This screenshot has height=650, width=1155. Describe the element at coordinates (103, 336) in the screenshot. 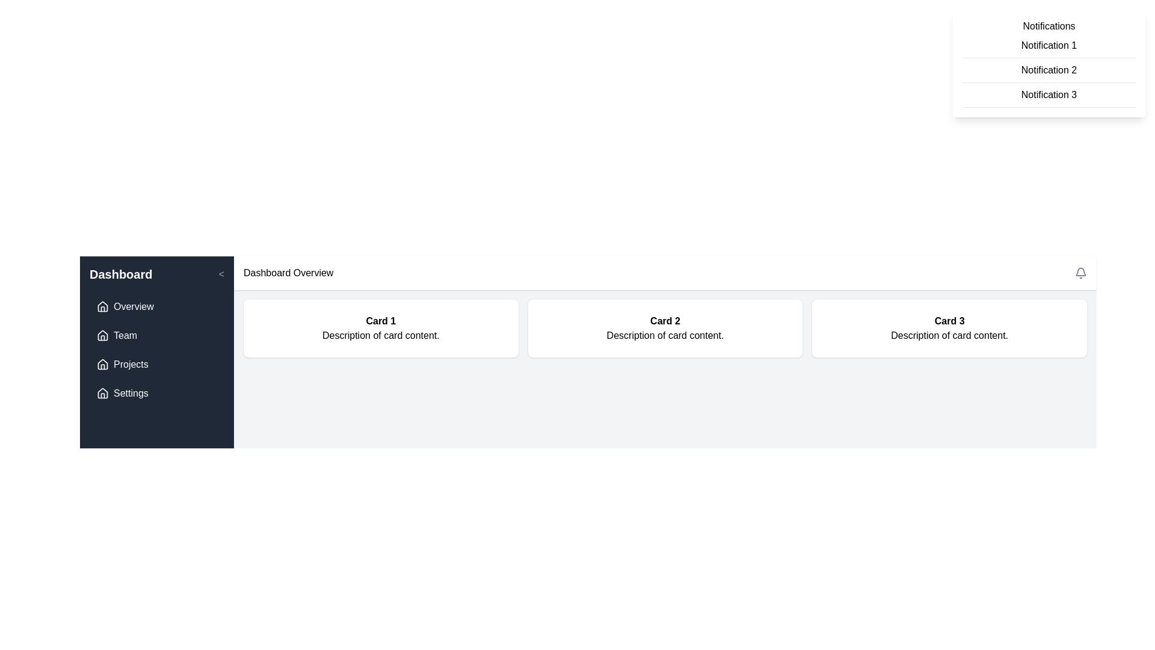

I see `the house icon in the left sidebar, located in the 'Team' section` at that location.